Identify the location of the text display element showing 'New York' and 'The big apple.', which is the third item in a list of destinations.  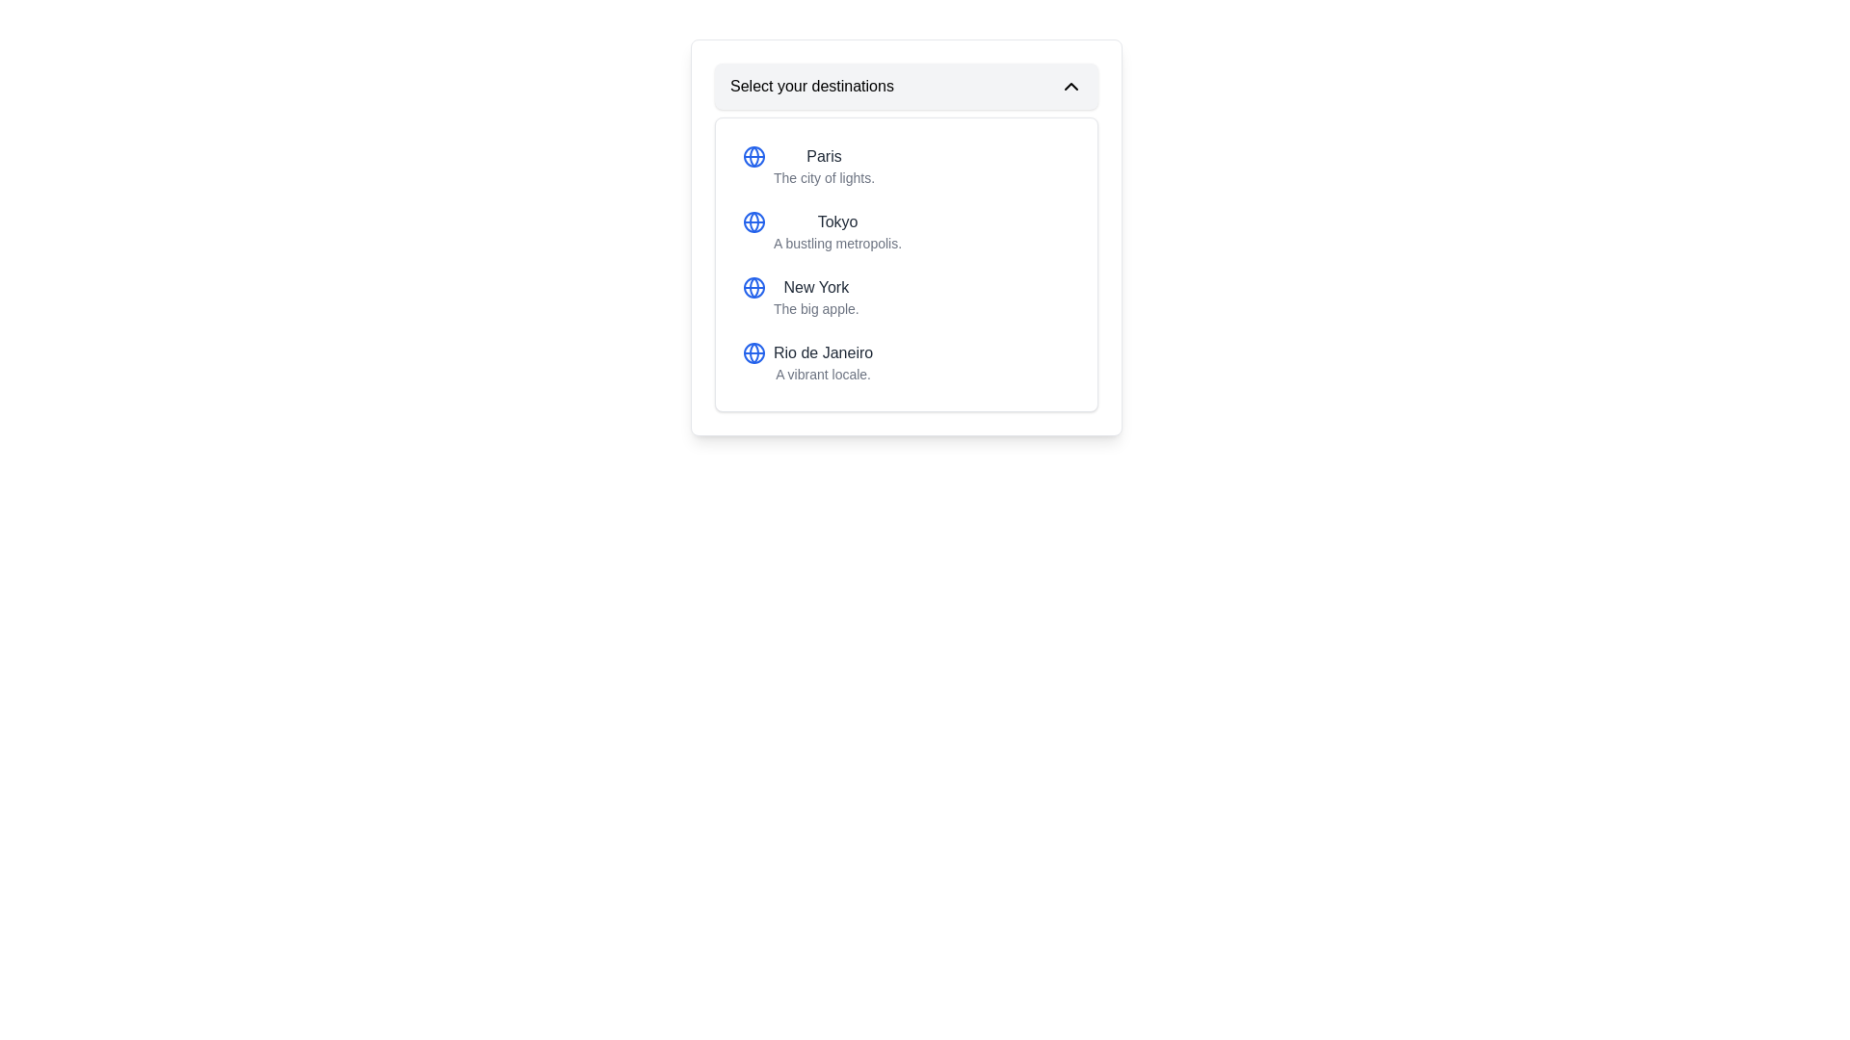
(816, 297).